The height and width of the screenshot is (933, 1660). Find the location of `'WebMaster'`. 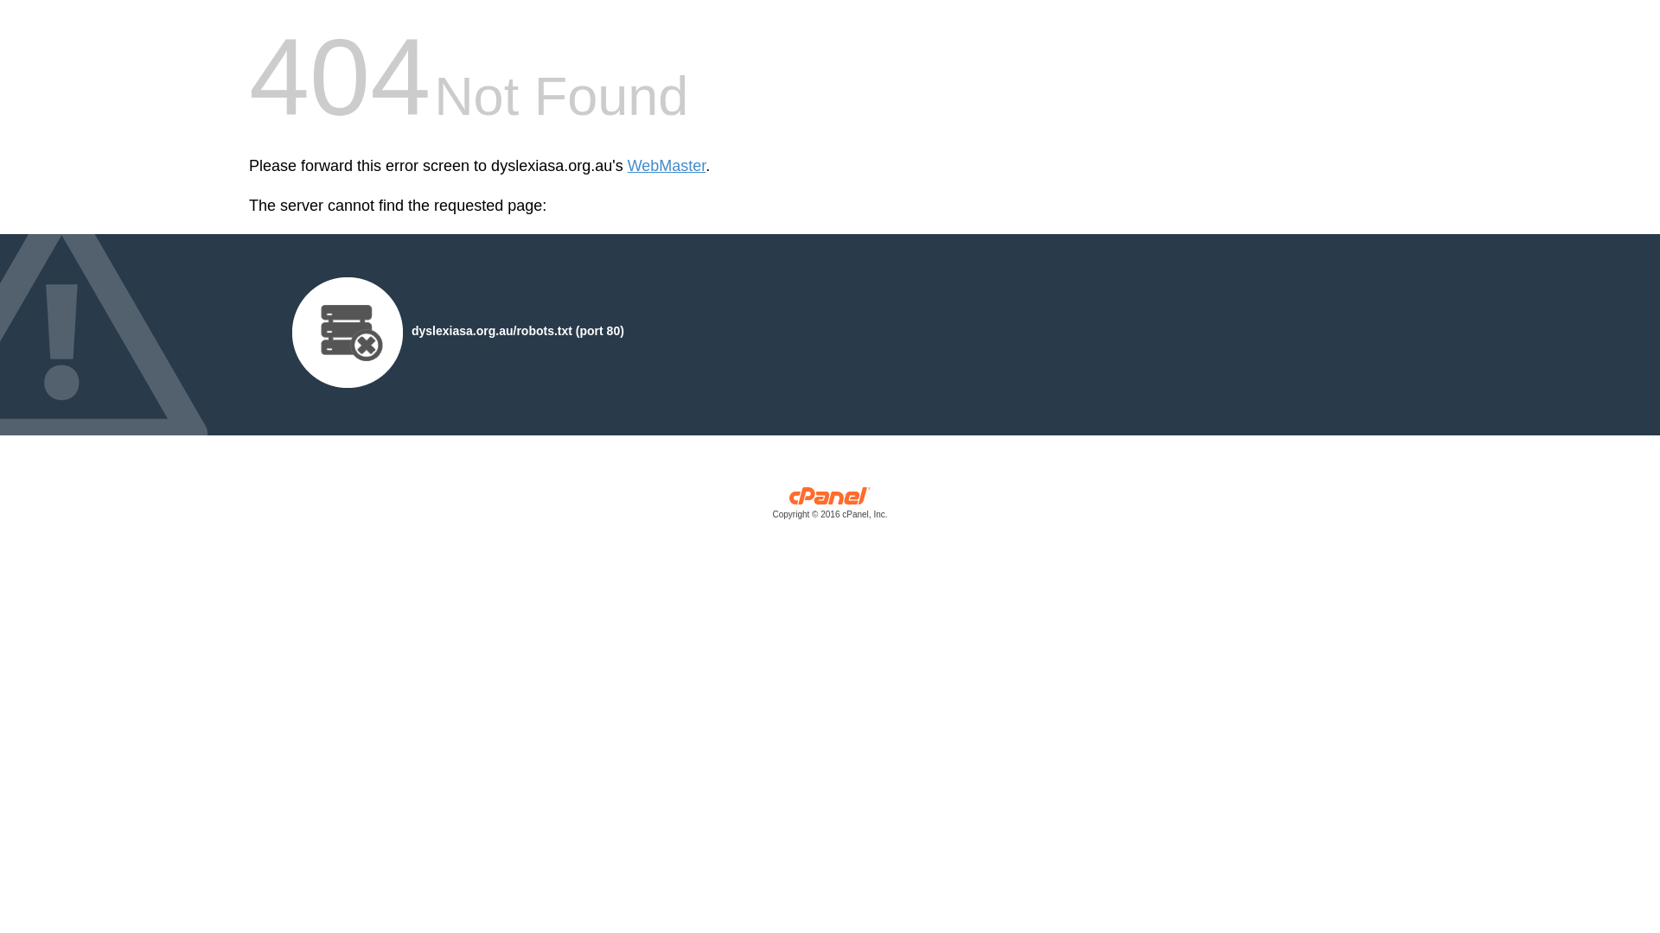

'WebMaster' is located at coordinates (666, 166).